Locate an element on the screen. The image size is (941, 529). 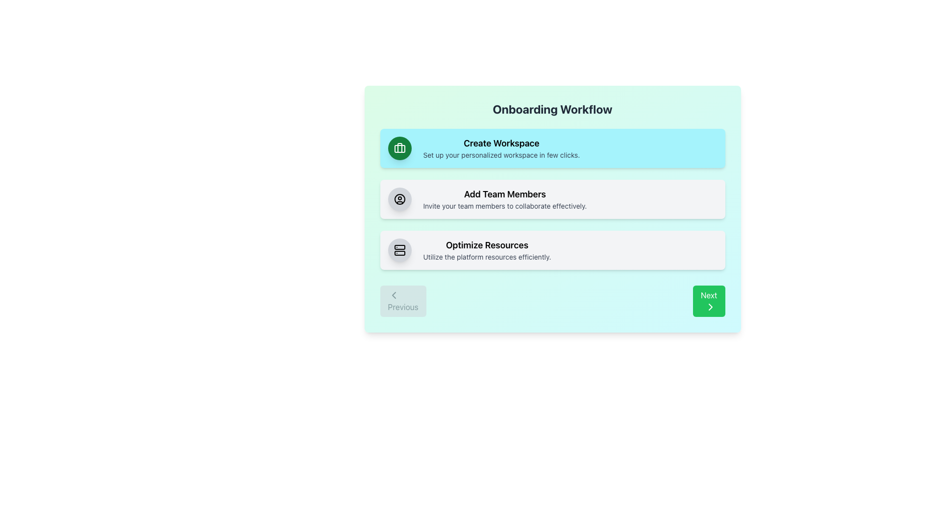
the 'Next' button located at the lower-right corner of the main UI block to proceed to the next step in the workflow is located at coordinates (709, 300).